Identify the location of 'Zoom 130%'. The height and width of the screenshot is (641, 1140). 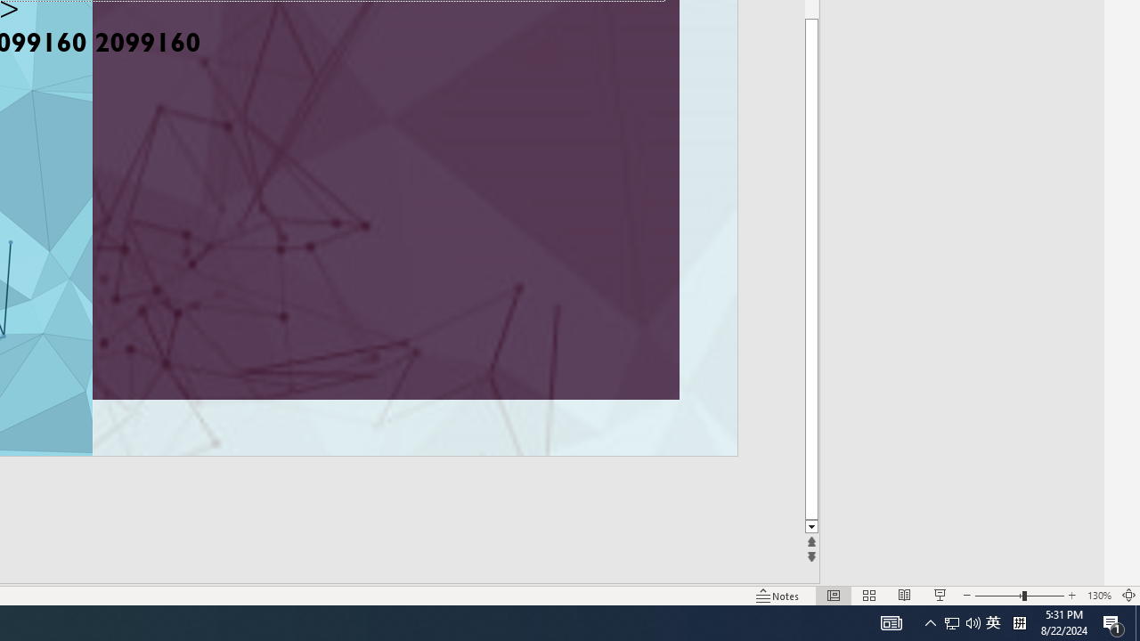
(1098, 596).